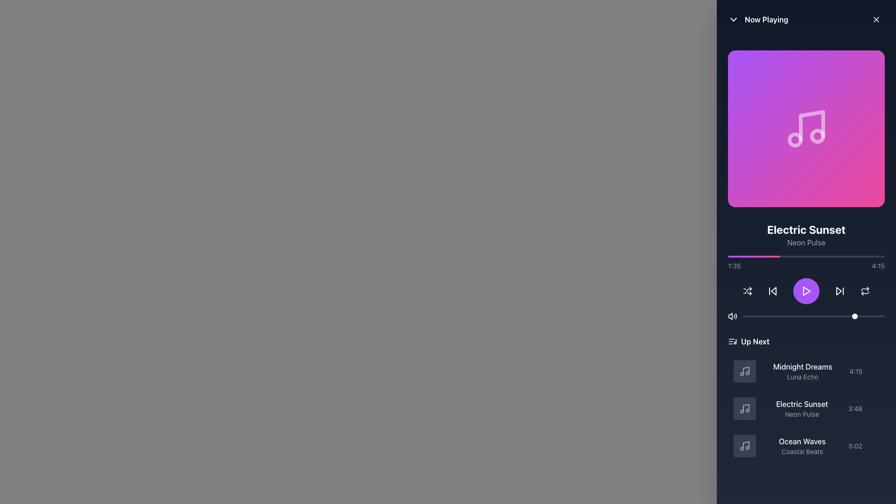 Image resolution: width=896 pixels, height=504 pixels. I want to click on the 'Repeat' button located at the bottom-right of the interface, which is the fifth item in the row of playback controls, so click(864, 291).